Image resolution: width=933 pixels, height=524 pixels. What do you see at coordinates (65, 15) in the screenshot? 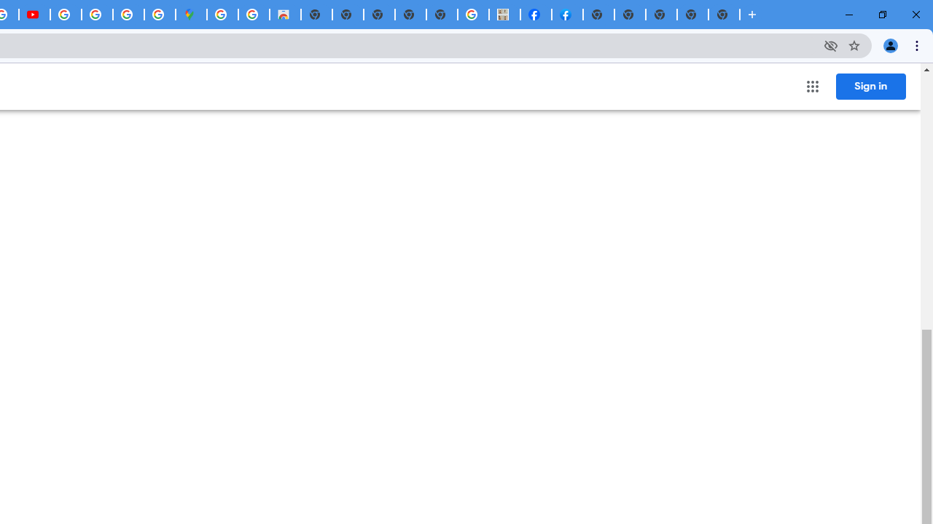
I see `'How Chrome protects your passwords - Google Chrome Help'` at bounding box center [65, 15].